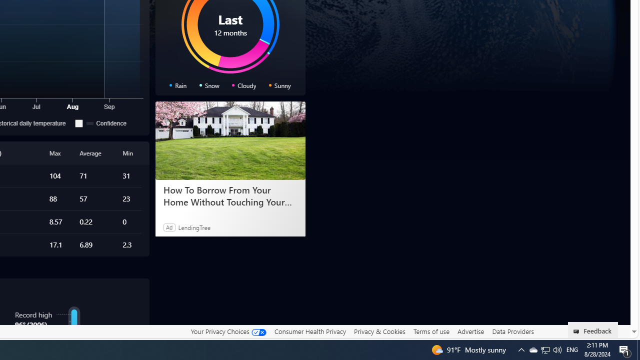 Image resolution: width=640 pixels, height=360 pixels. What do you see at coordinates (593, 329) in the screenshot?
I see `'Feedback'` at bounding box center [593, 329].